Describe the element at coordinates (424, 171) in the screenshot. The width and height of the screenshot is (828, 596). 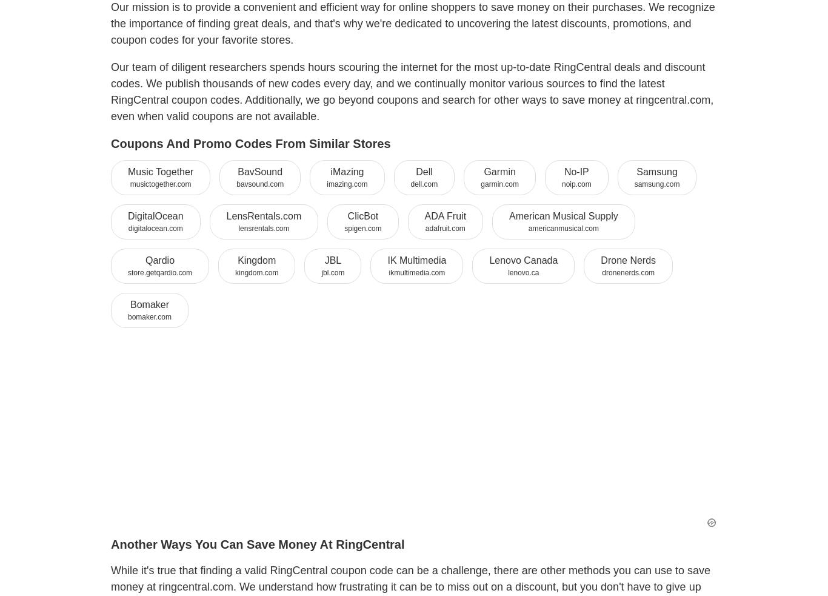
I see `'Dell'` at that location.